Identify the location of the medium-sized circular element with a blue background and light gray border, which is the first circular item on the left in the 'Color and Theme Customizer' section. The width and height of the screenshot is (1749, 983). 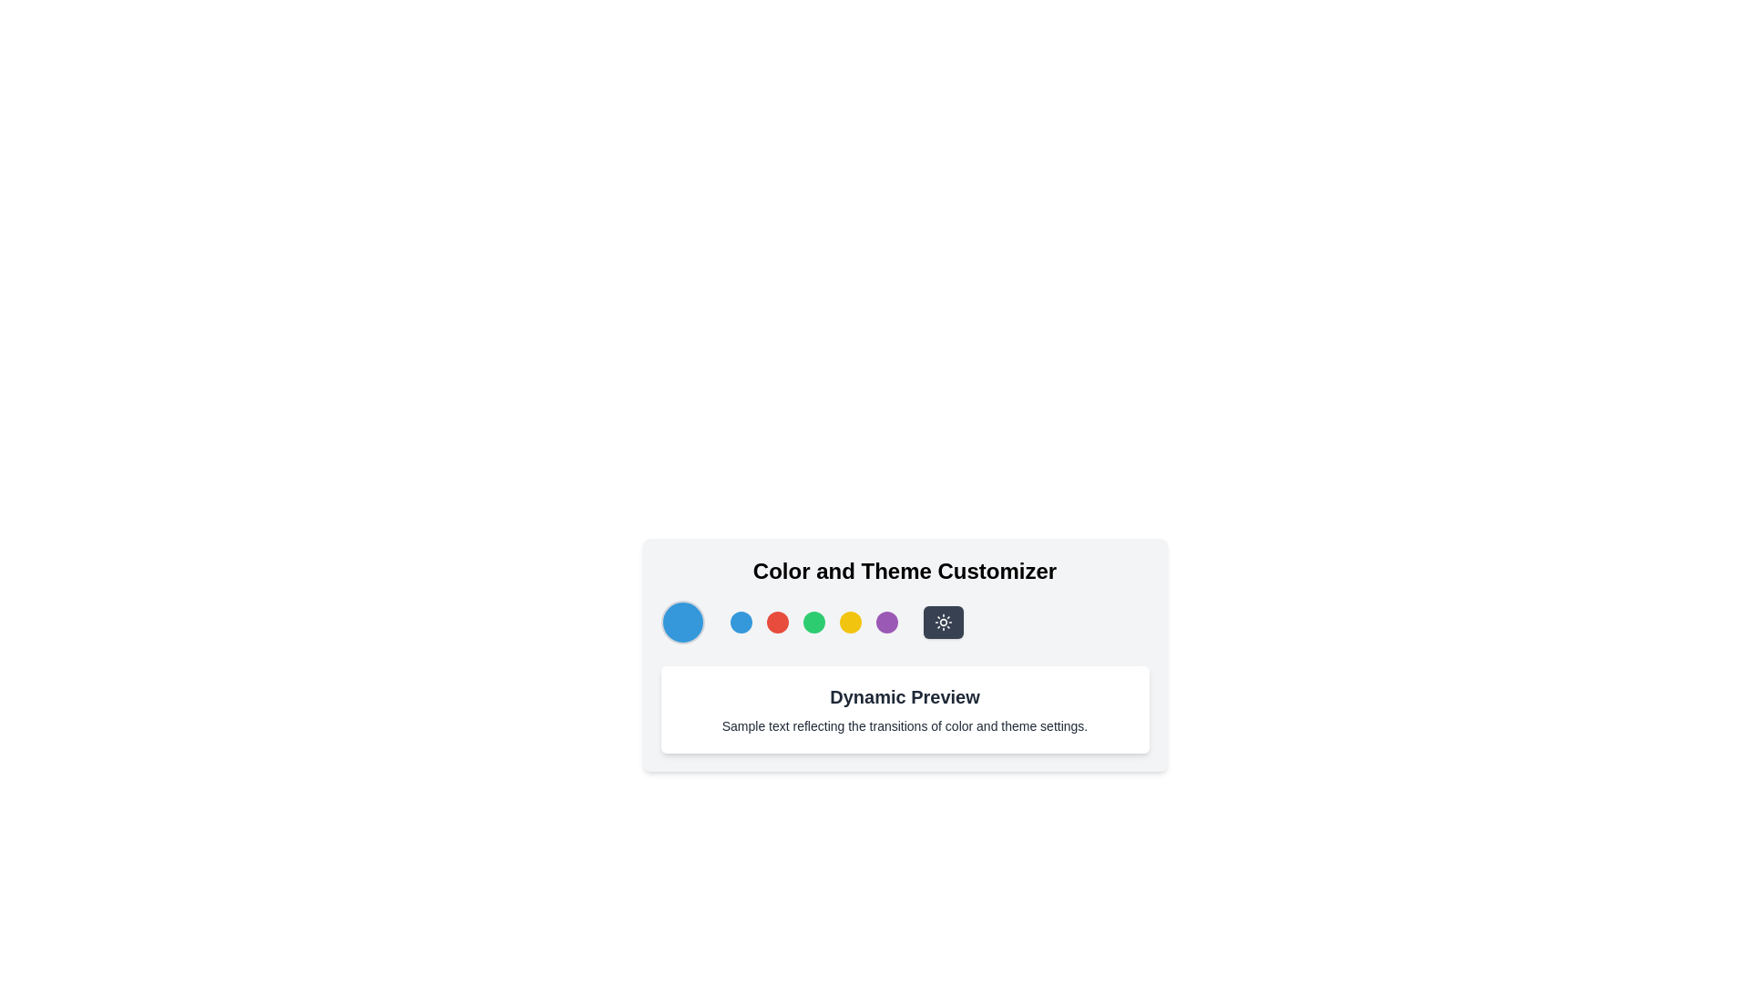
(681, 621).